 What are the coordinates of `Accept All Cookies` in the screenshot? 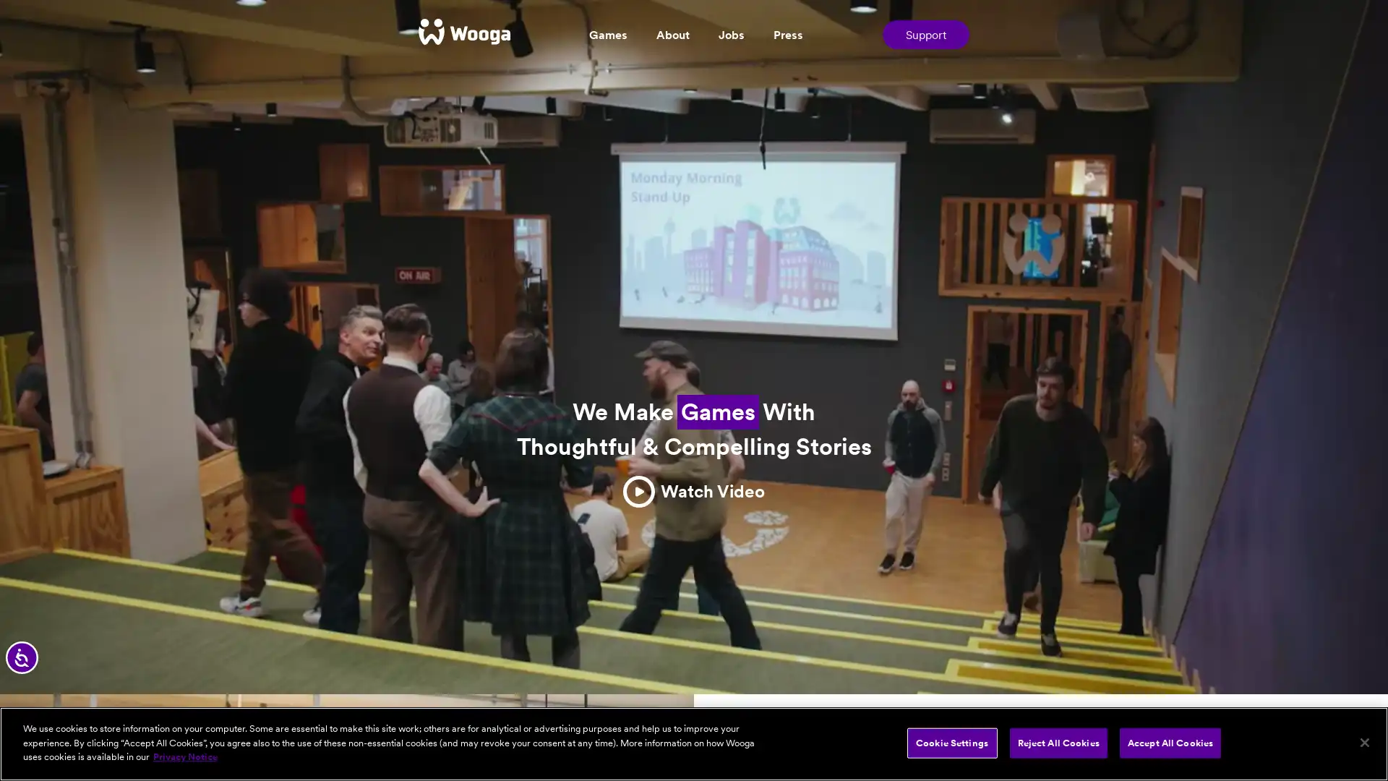 It's located at (1170, 742).